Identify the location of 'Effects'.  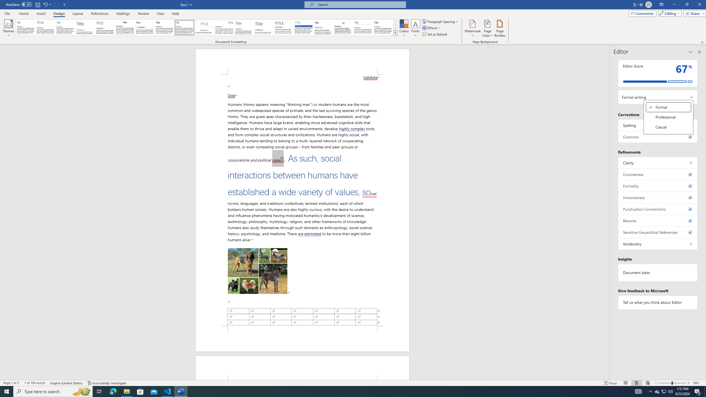
(432, 27).